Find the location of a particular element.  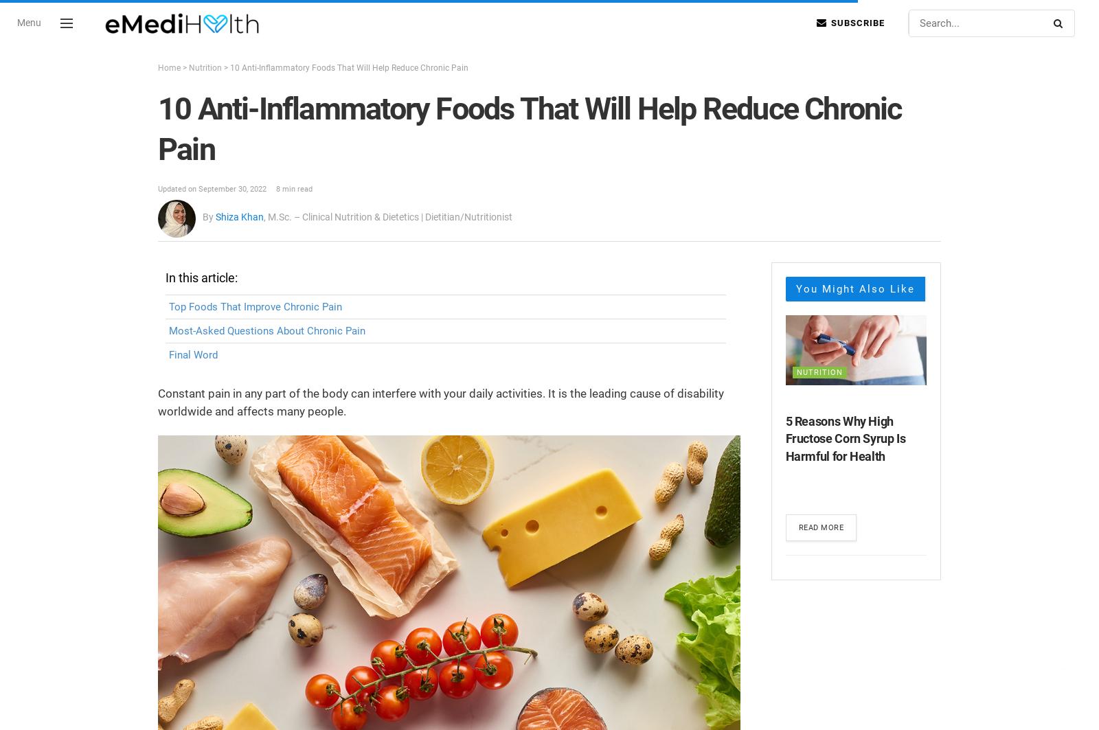

'You Might Also Like' is located at coordinates (854, 288).